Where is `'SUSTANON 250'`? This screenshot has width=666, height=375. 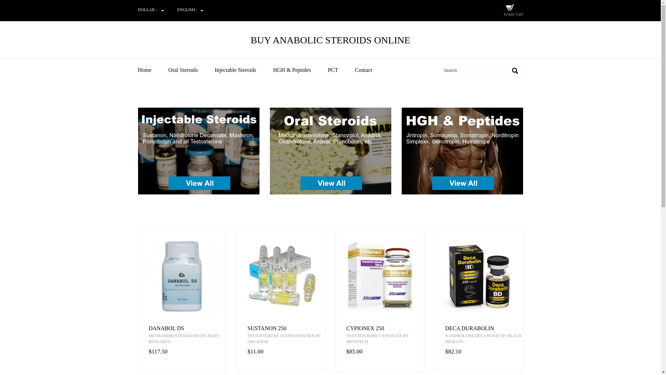
'SUSTANON 250' is located at coordinates (248, 328).